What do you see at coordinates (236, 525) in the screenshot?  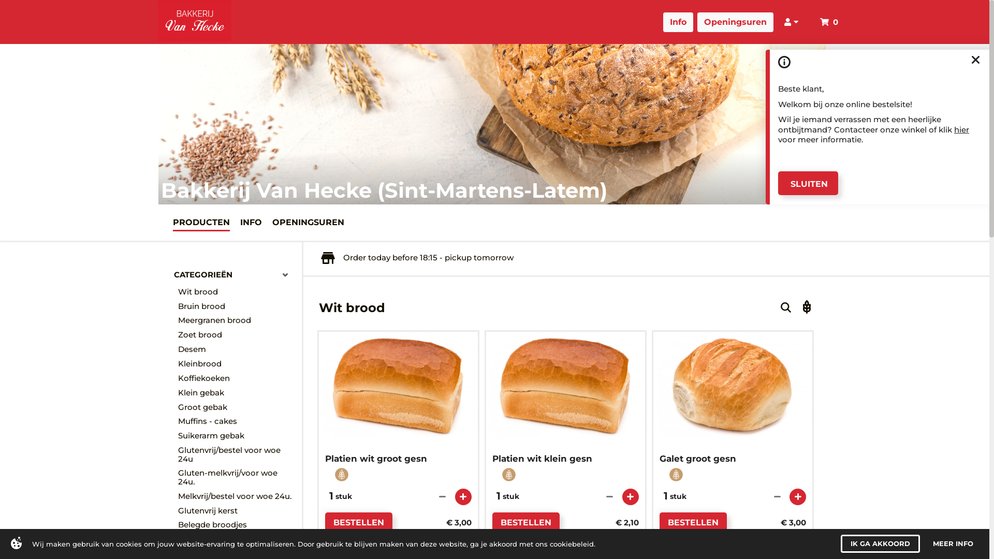 I see `'Belegde broodjes'` at bounding box center [236, 525].